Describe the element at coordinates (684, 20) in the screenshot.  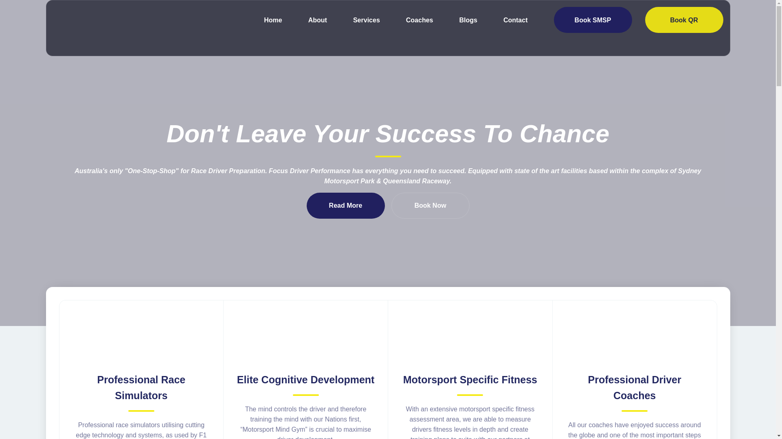
I see `'Book QR'` at that location.